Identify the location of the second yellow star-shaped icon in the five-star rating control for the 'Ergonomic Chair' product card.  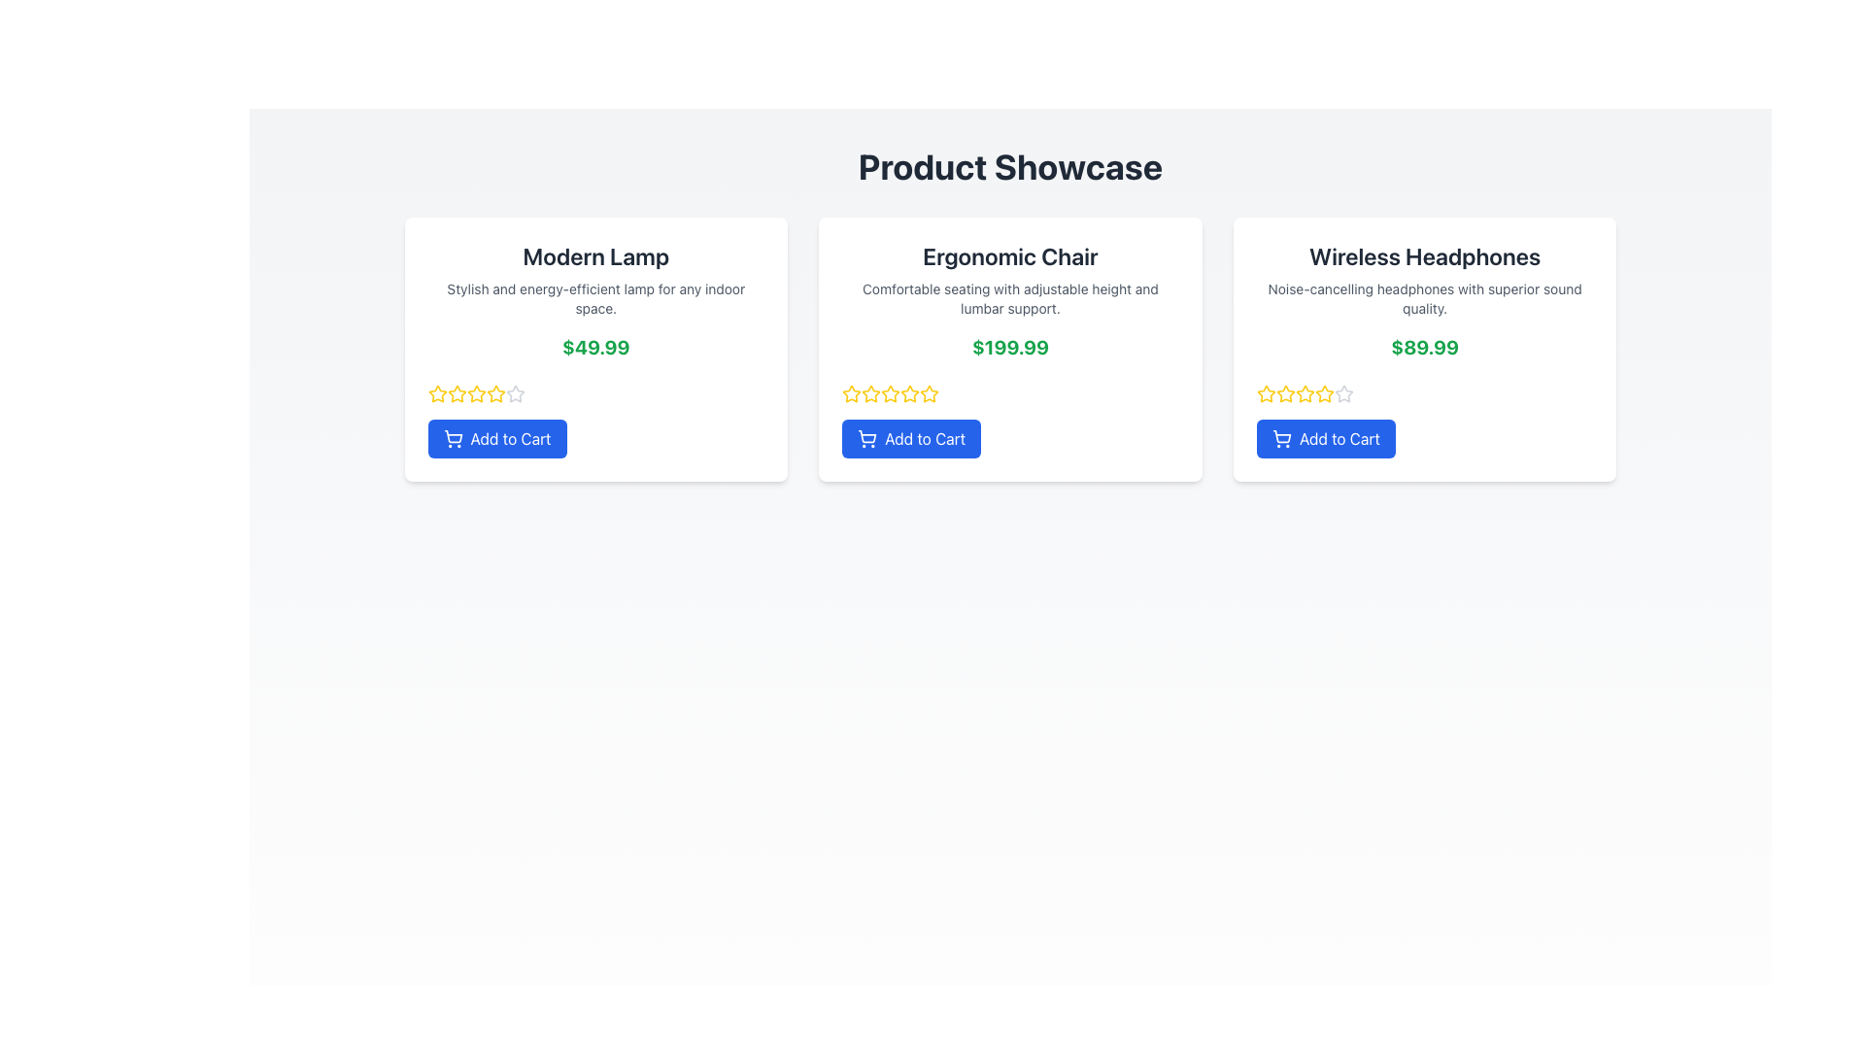
(929, 393).